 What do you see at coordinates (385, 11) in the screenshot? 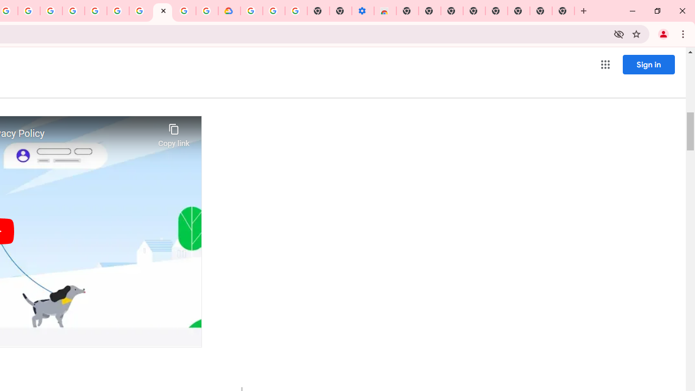
I see `'Chrome Web Store - Accessibility extensions'` at bounding box center [385, 11].